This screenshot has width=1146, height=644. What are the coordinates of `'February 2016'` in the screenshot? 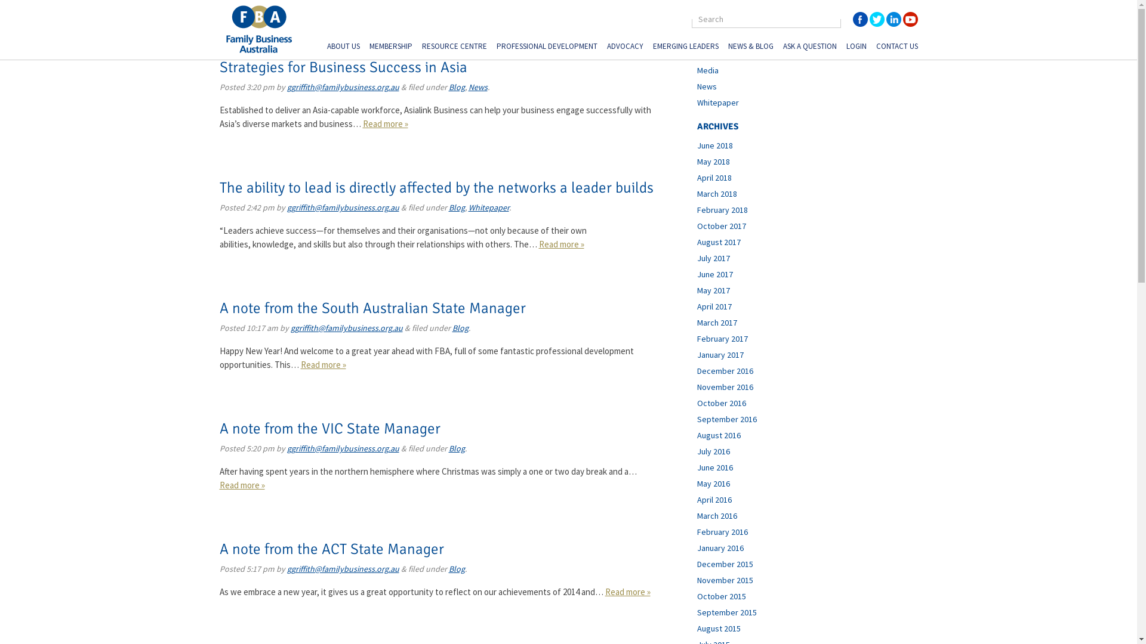 It's located at (722, 531).